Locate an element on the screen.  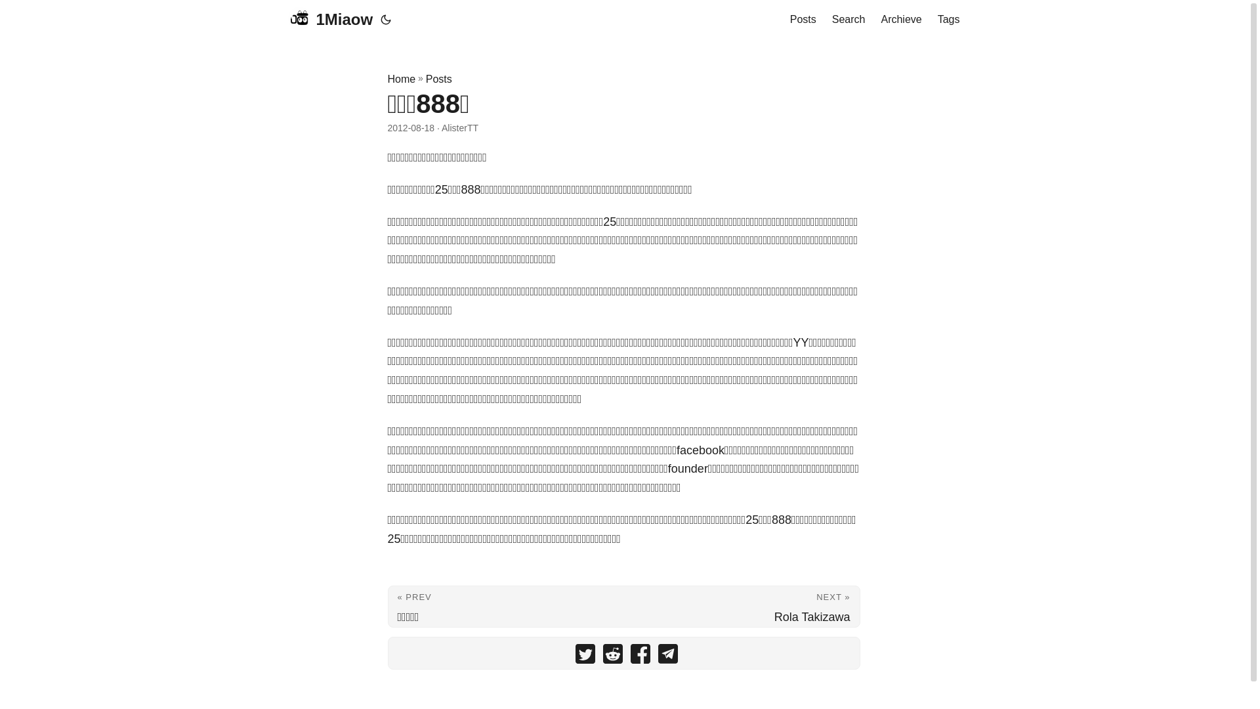
'Search' is located at coordinates (849, 20).